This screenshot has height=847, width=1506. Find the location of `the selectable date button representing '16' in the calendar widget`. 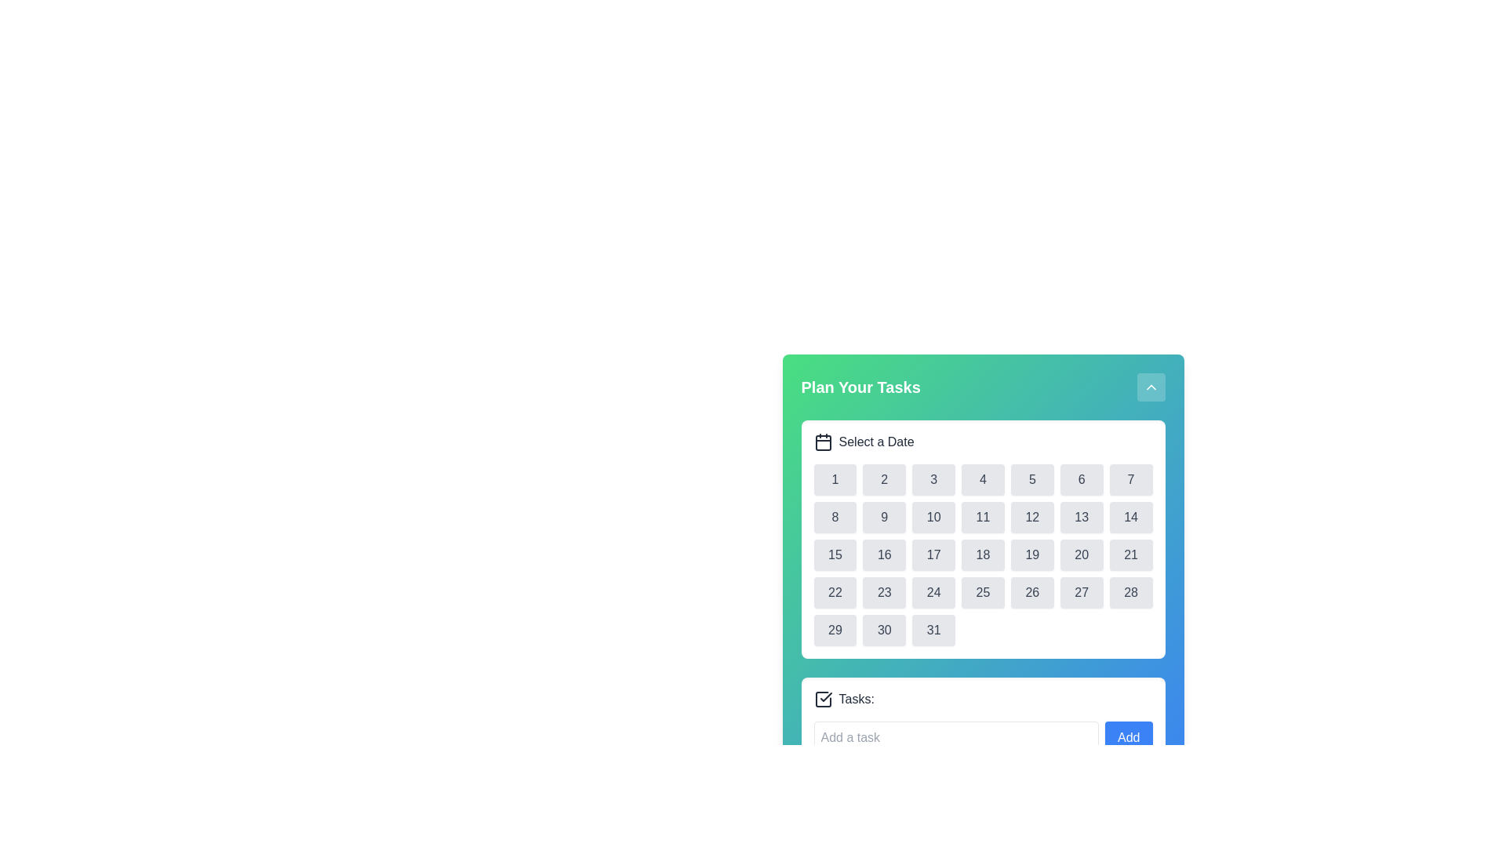

the selectable date button representing '16' in the calendar widget is located at coordinates (884, 554).